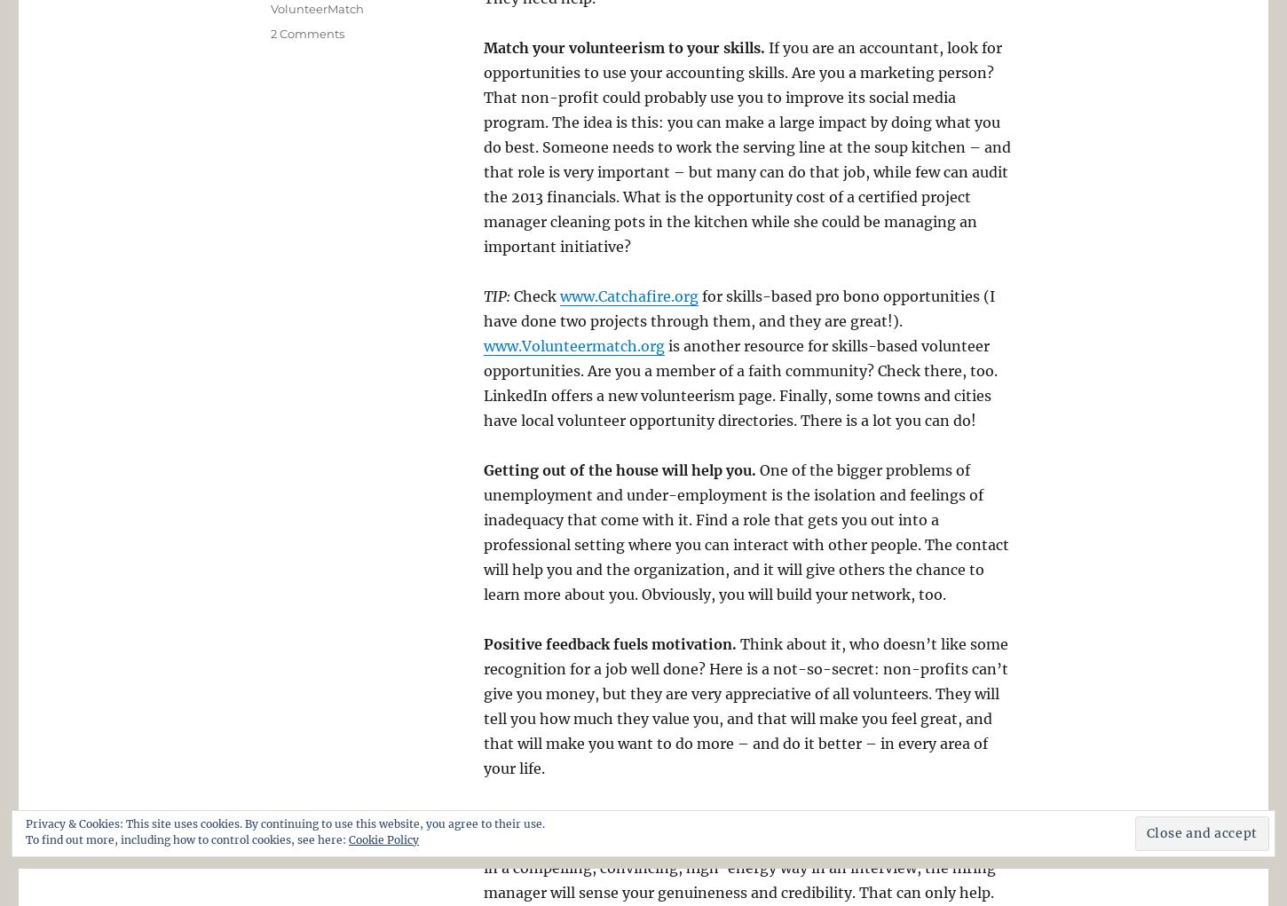 This screenshot has height=906, width=1287. What do you see at coordinates (484, 817) in the screenshot?
I see `'You will have fresh stories.'` at bounding box center [484, 817].